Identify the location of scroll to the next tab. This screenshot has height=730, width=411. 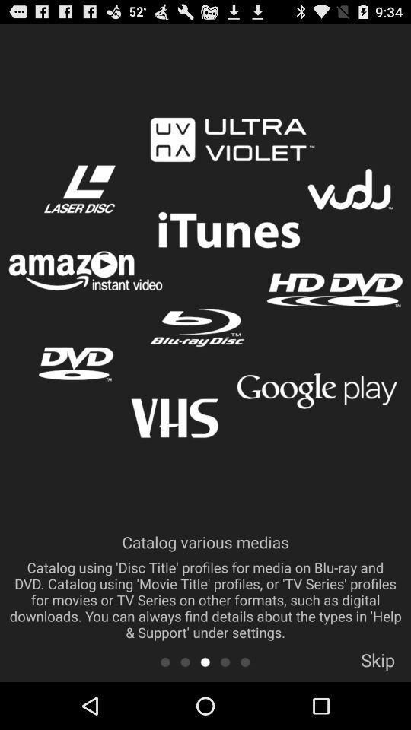
(245, 661).